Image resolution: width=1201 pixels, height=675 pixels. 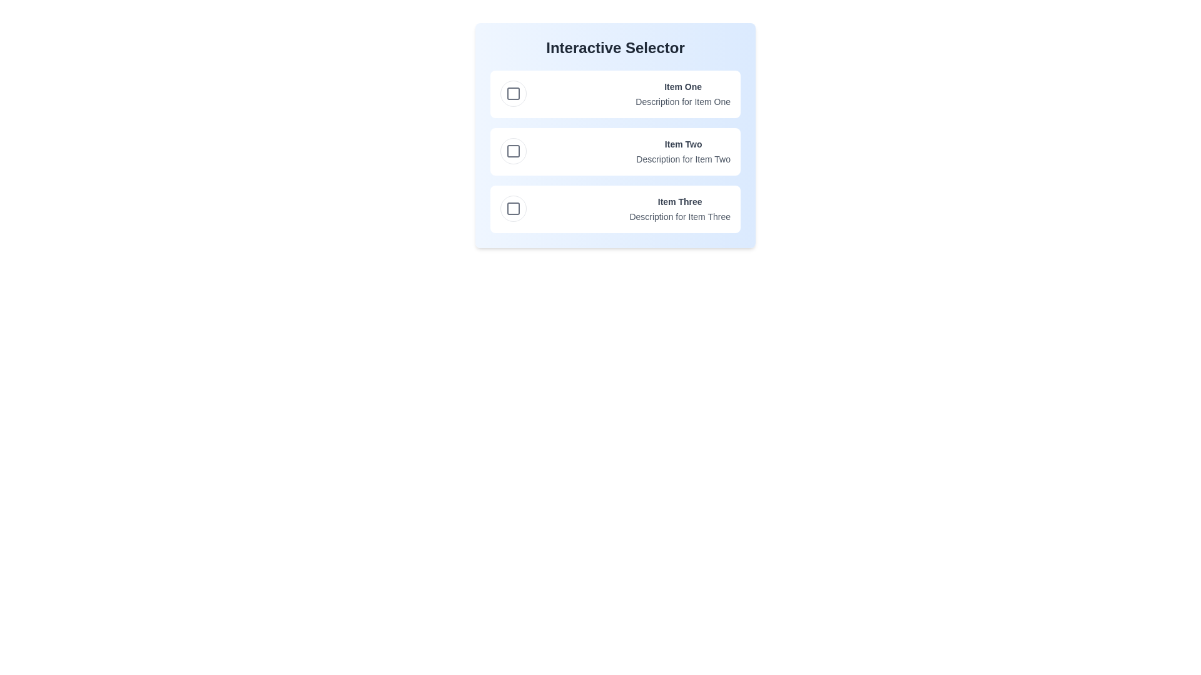 I want to click on the decorative SVG element that indicates selection or interaction status for the 'Item One' in the Interactive Selector panel, so click(x=513, y=93).